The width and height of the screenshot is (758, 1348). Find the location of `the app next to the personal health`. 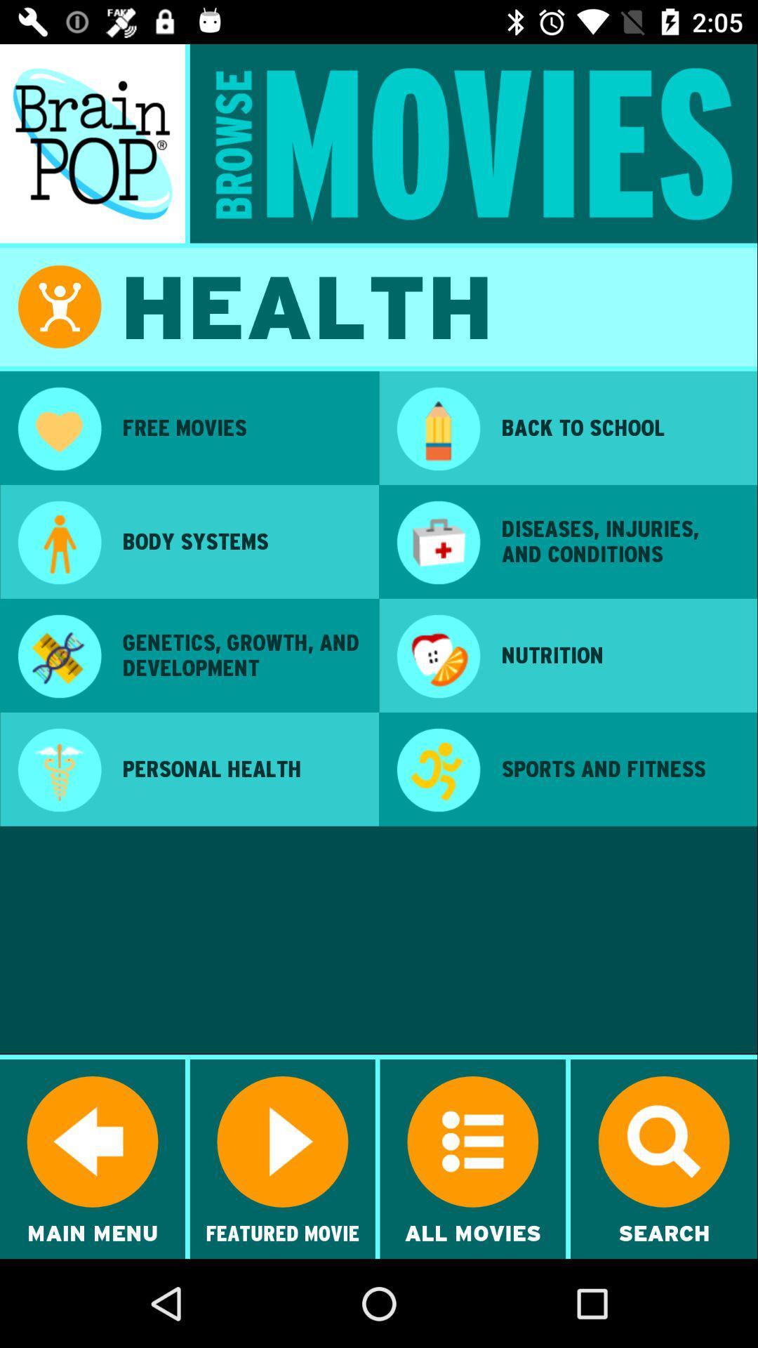

the app next to the personal health is located at coordinates (58, 771).